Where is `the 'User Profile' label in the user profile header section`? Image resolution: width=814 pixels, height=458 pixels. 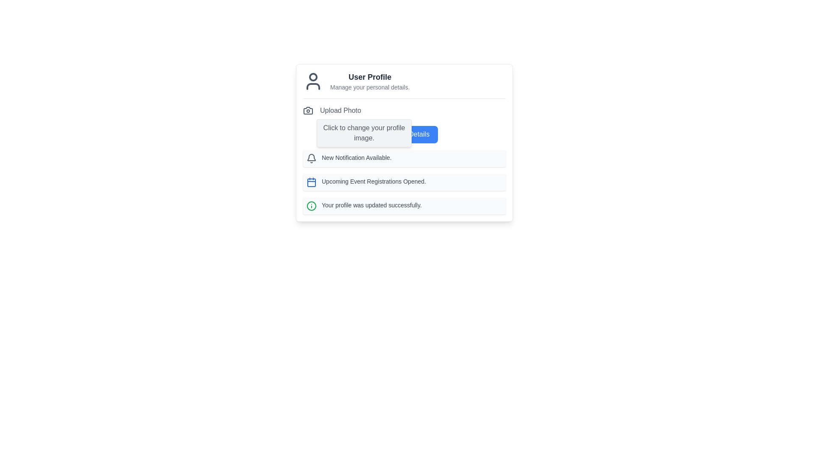
the 'User Profile' label in the user profile header section is located at coordinates (404, 85).